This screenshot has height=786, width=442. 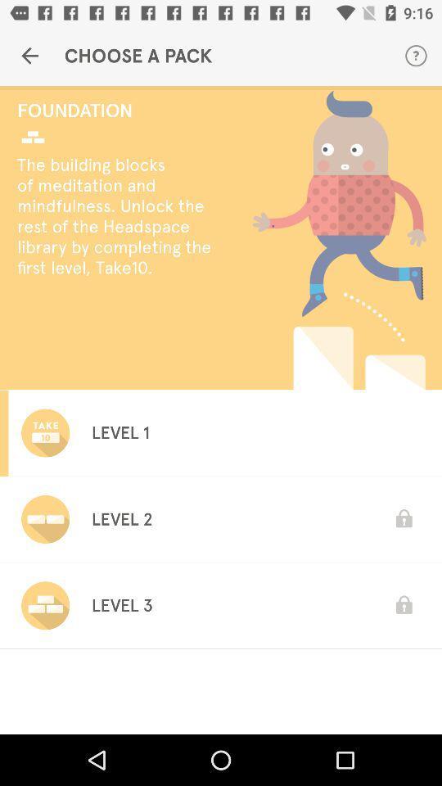 What do you see at coordinates (121, 518) in the screenshot?
I see `the icon below the level 1` at bounding box center [121, 518].